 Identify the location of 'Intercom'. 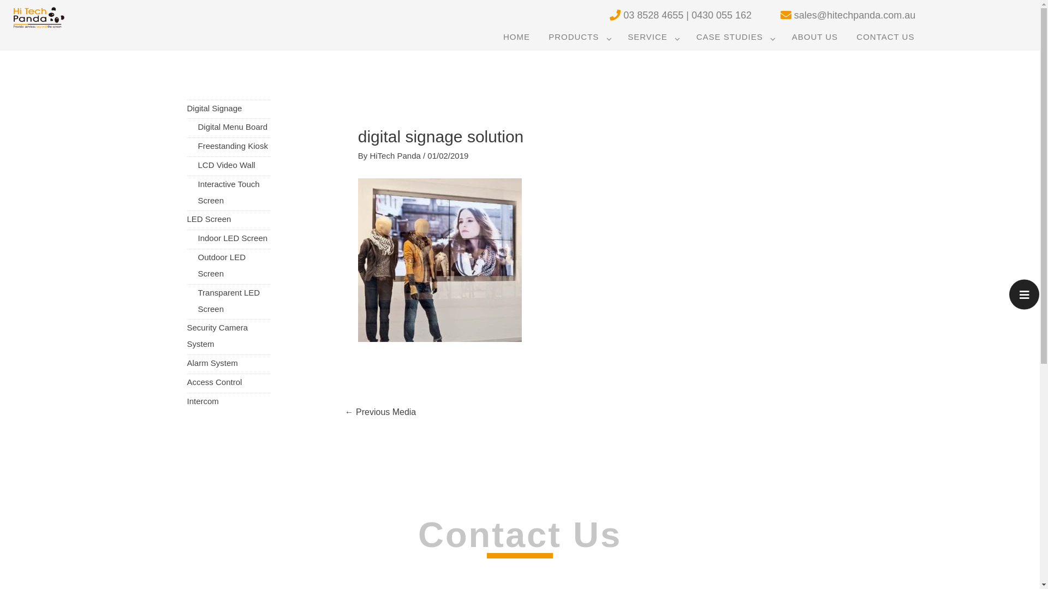
(202, 401).